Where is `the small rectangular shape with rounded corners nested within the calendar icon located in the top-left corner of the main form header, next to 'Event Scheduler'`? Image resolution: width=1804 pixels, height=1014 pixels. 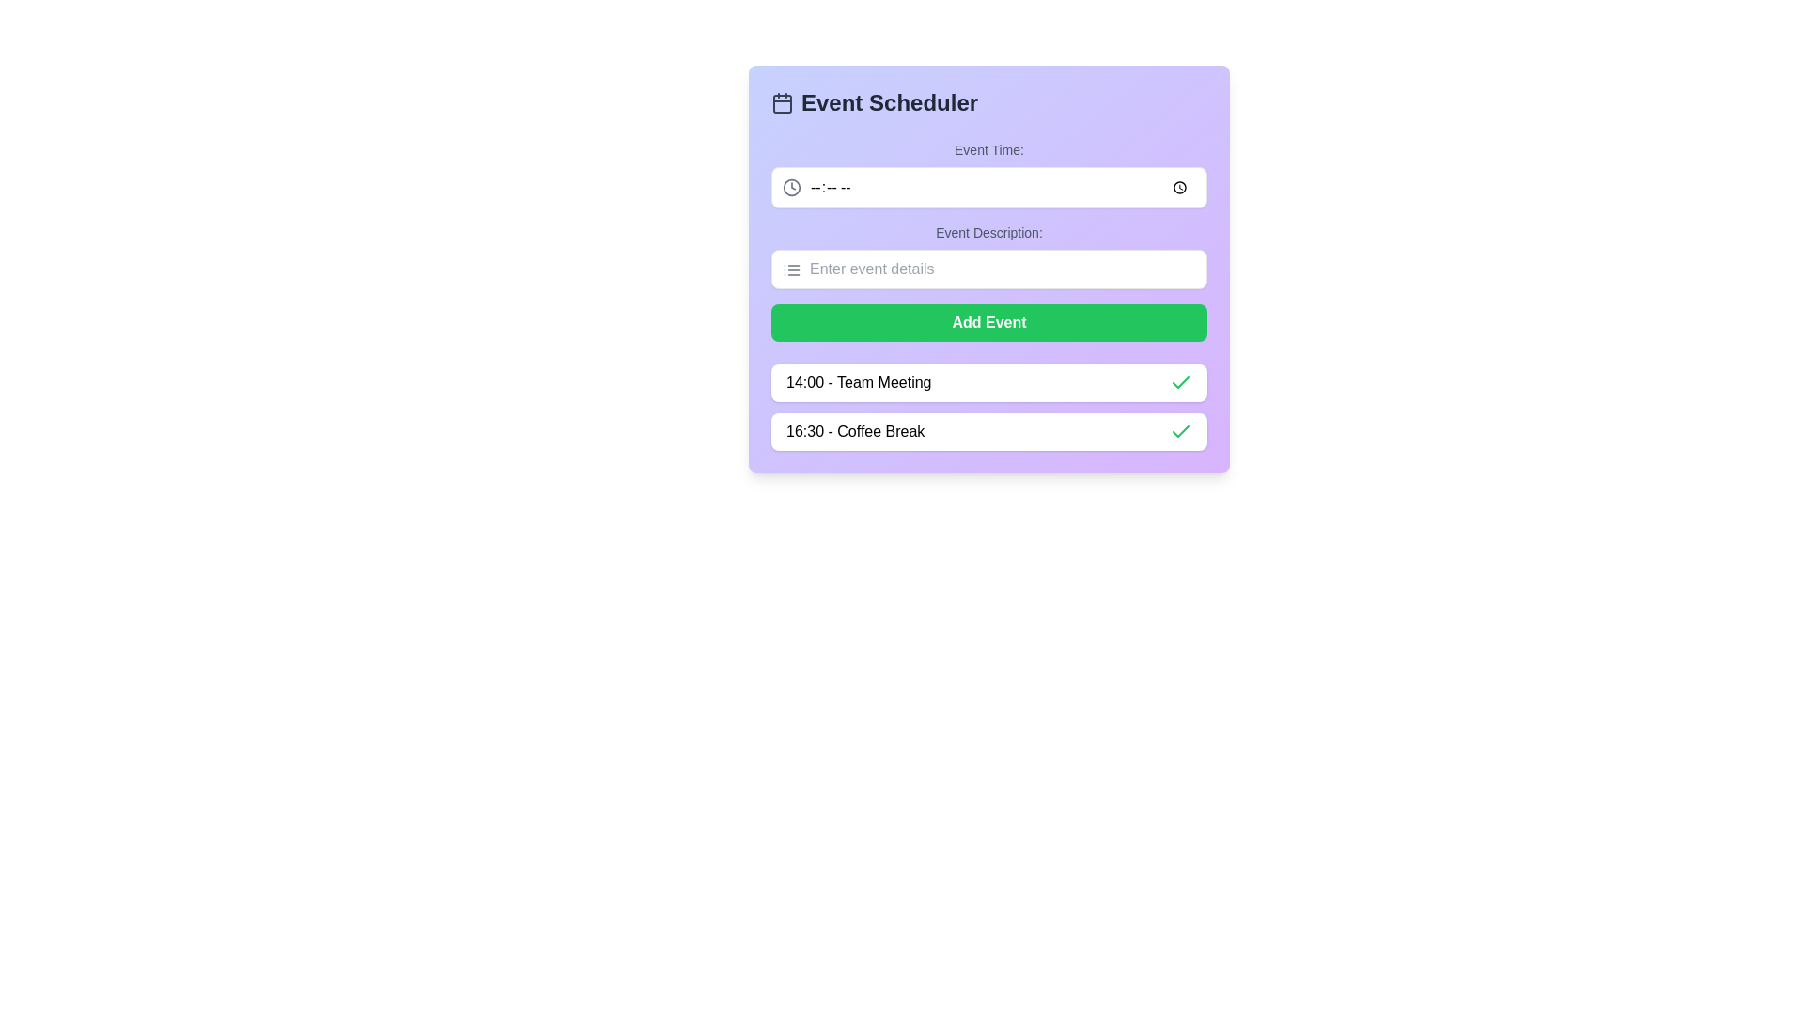 the small rectangular shape with rounded corners nested within the calendar icon located in the top-left corner of the main form header, next to 'Event Scheduler' is located at coordinates (783, 104).